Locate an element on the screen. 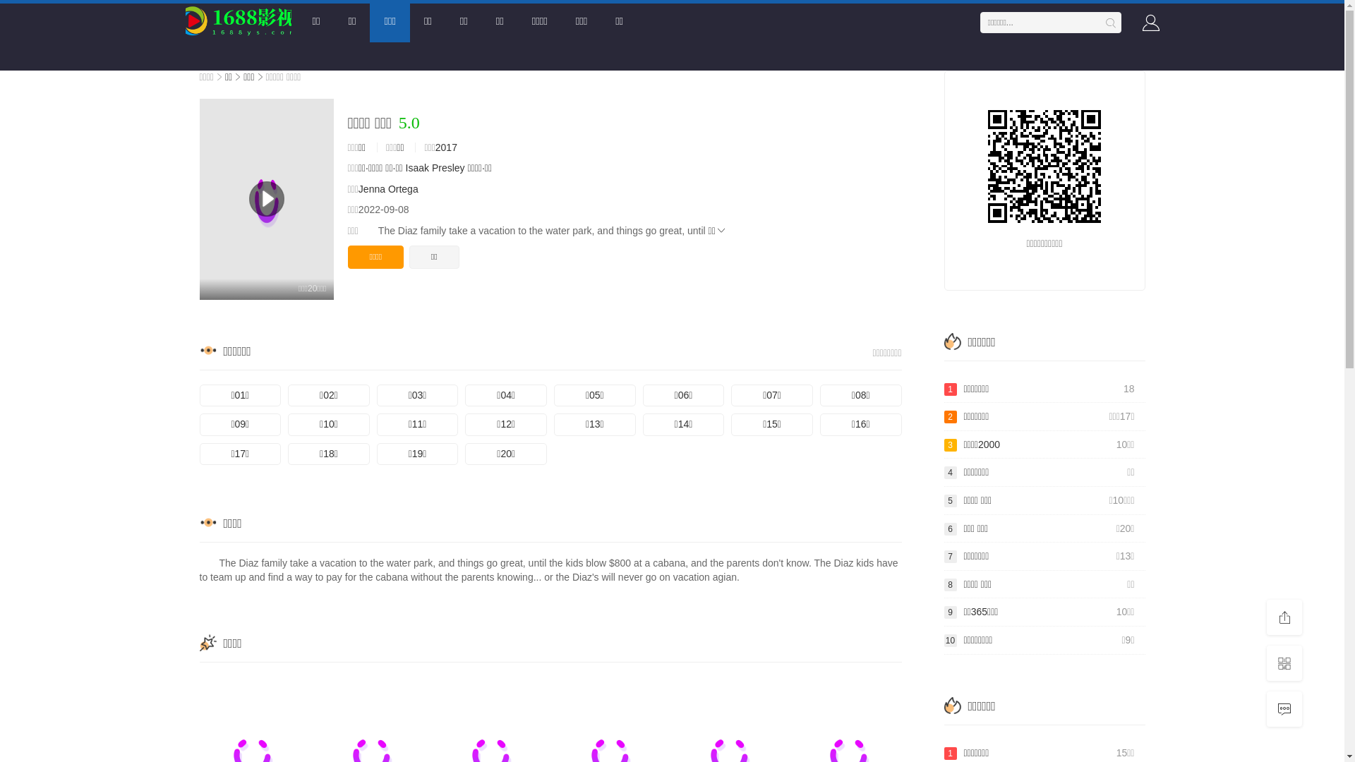  'Jenna' is located at coordinates (359, 188).